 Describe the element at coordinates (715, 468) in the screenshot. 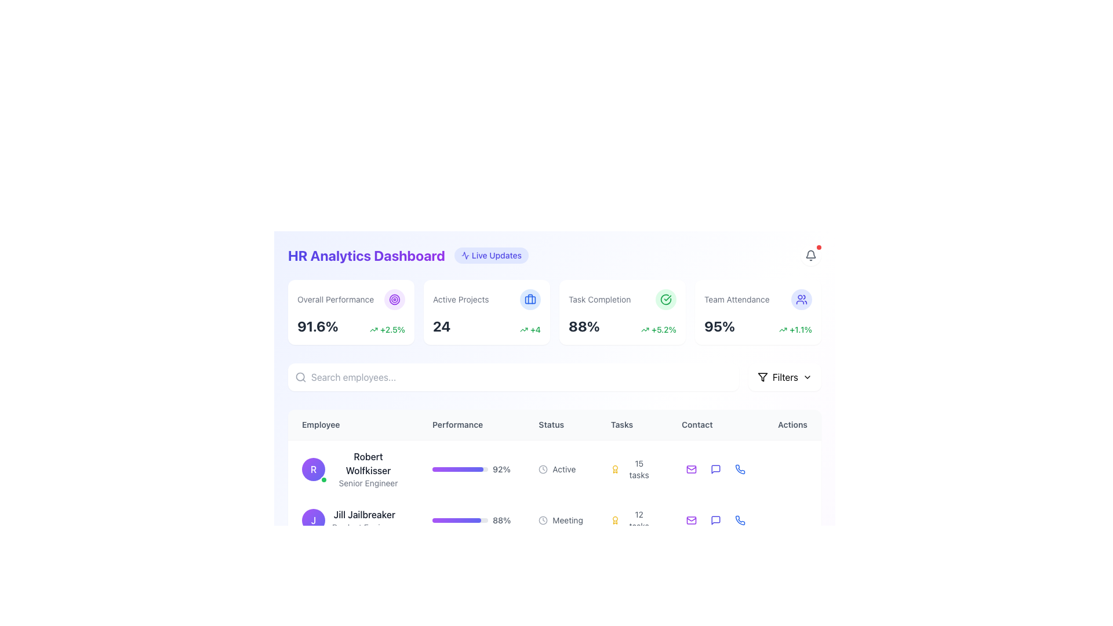

I see `the chat icon button for employee Robert Wolfkisser, located between the email icon and the phone icon under the 'Contact' column` at that location.